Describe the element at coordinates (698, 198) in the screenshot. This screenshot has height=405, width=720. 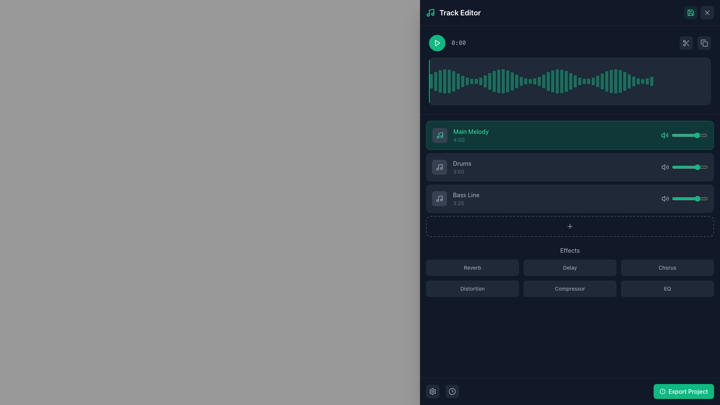
I see `the volume slider` at that location.